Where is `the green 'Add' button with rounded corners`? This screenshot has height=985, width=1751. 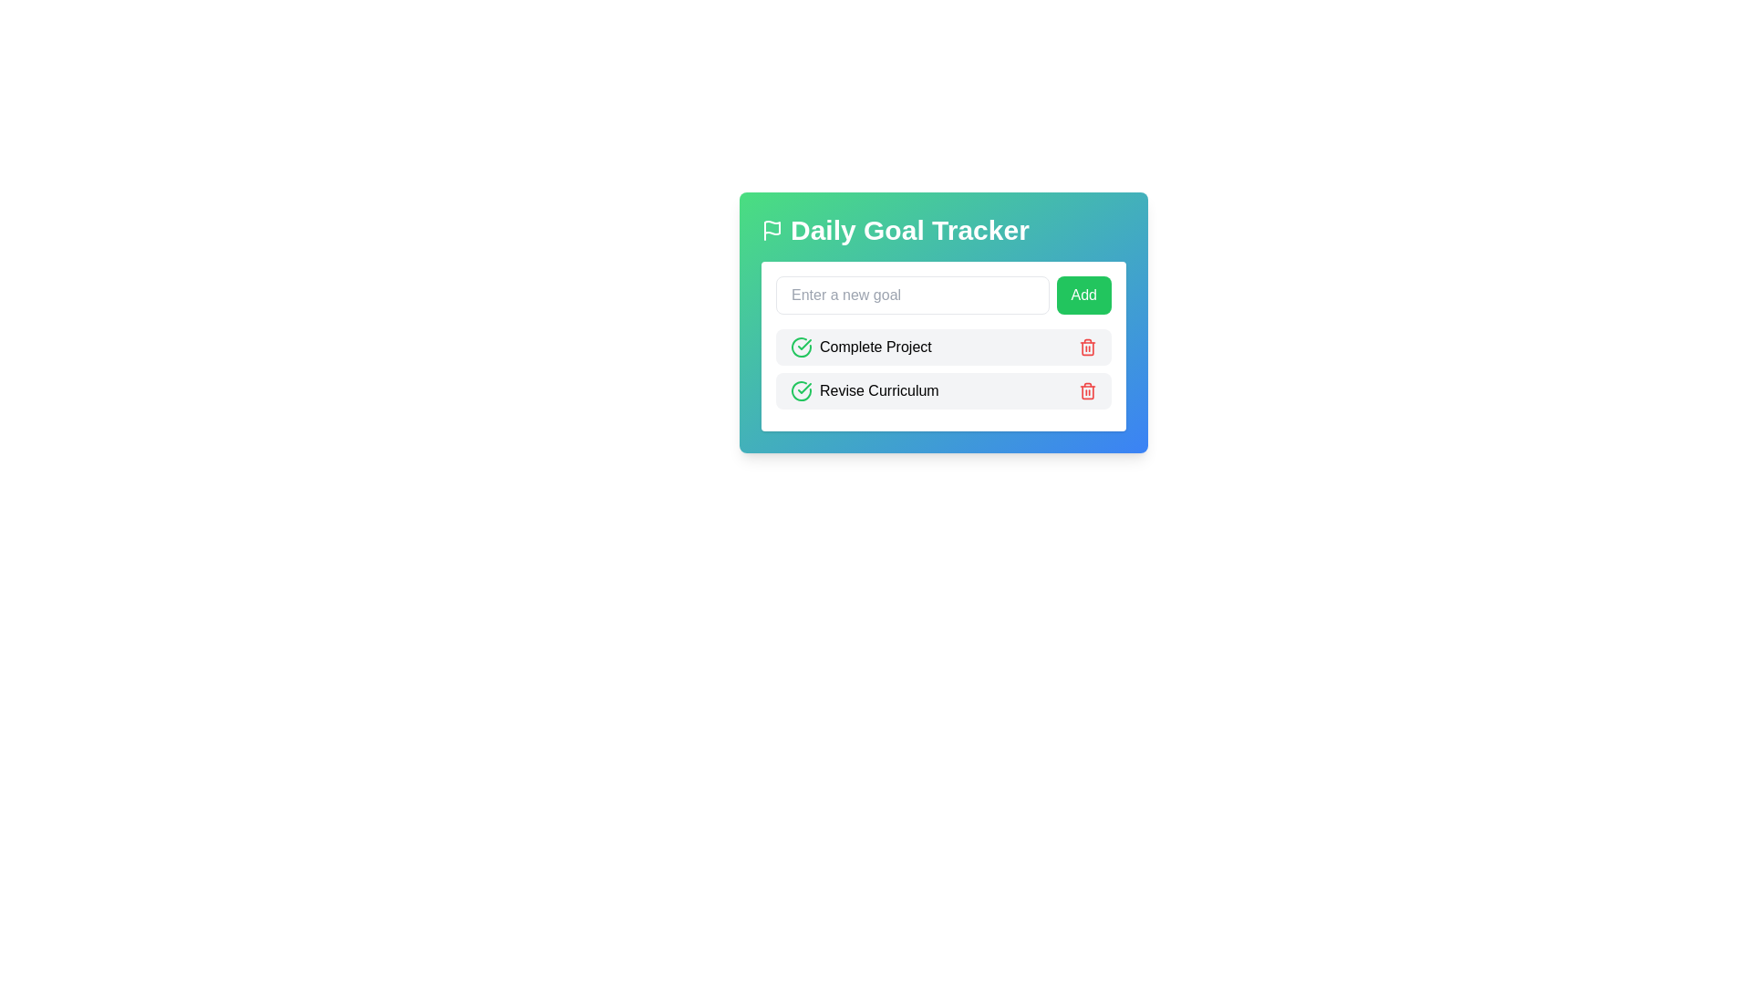 the green 'Add' button with rounded corners is located at coordinates (1083, 295).